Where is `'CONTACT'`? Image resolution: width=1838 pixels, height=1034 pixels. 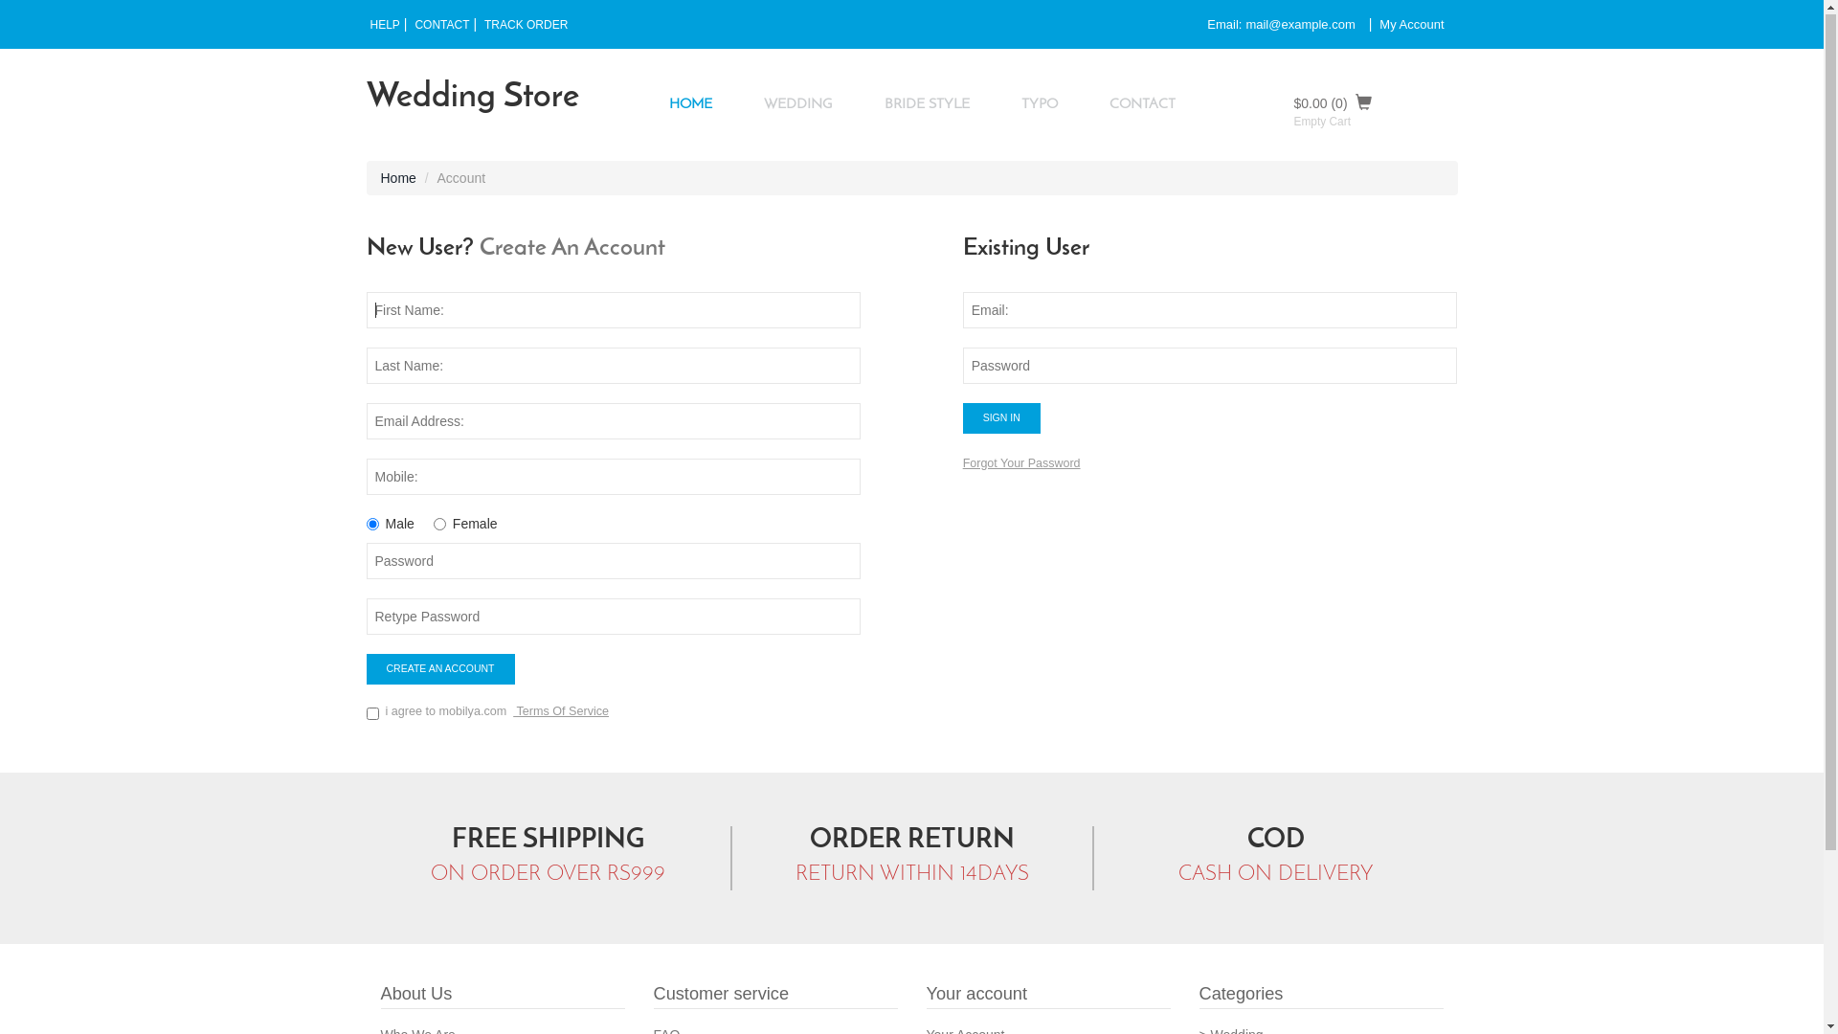
'CONTACT' is located at coordinates (409, 26).